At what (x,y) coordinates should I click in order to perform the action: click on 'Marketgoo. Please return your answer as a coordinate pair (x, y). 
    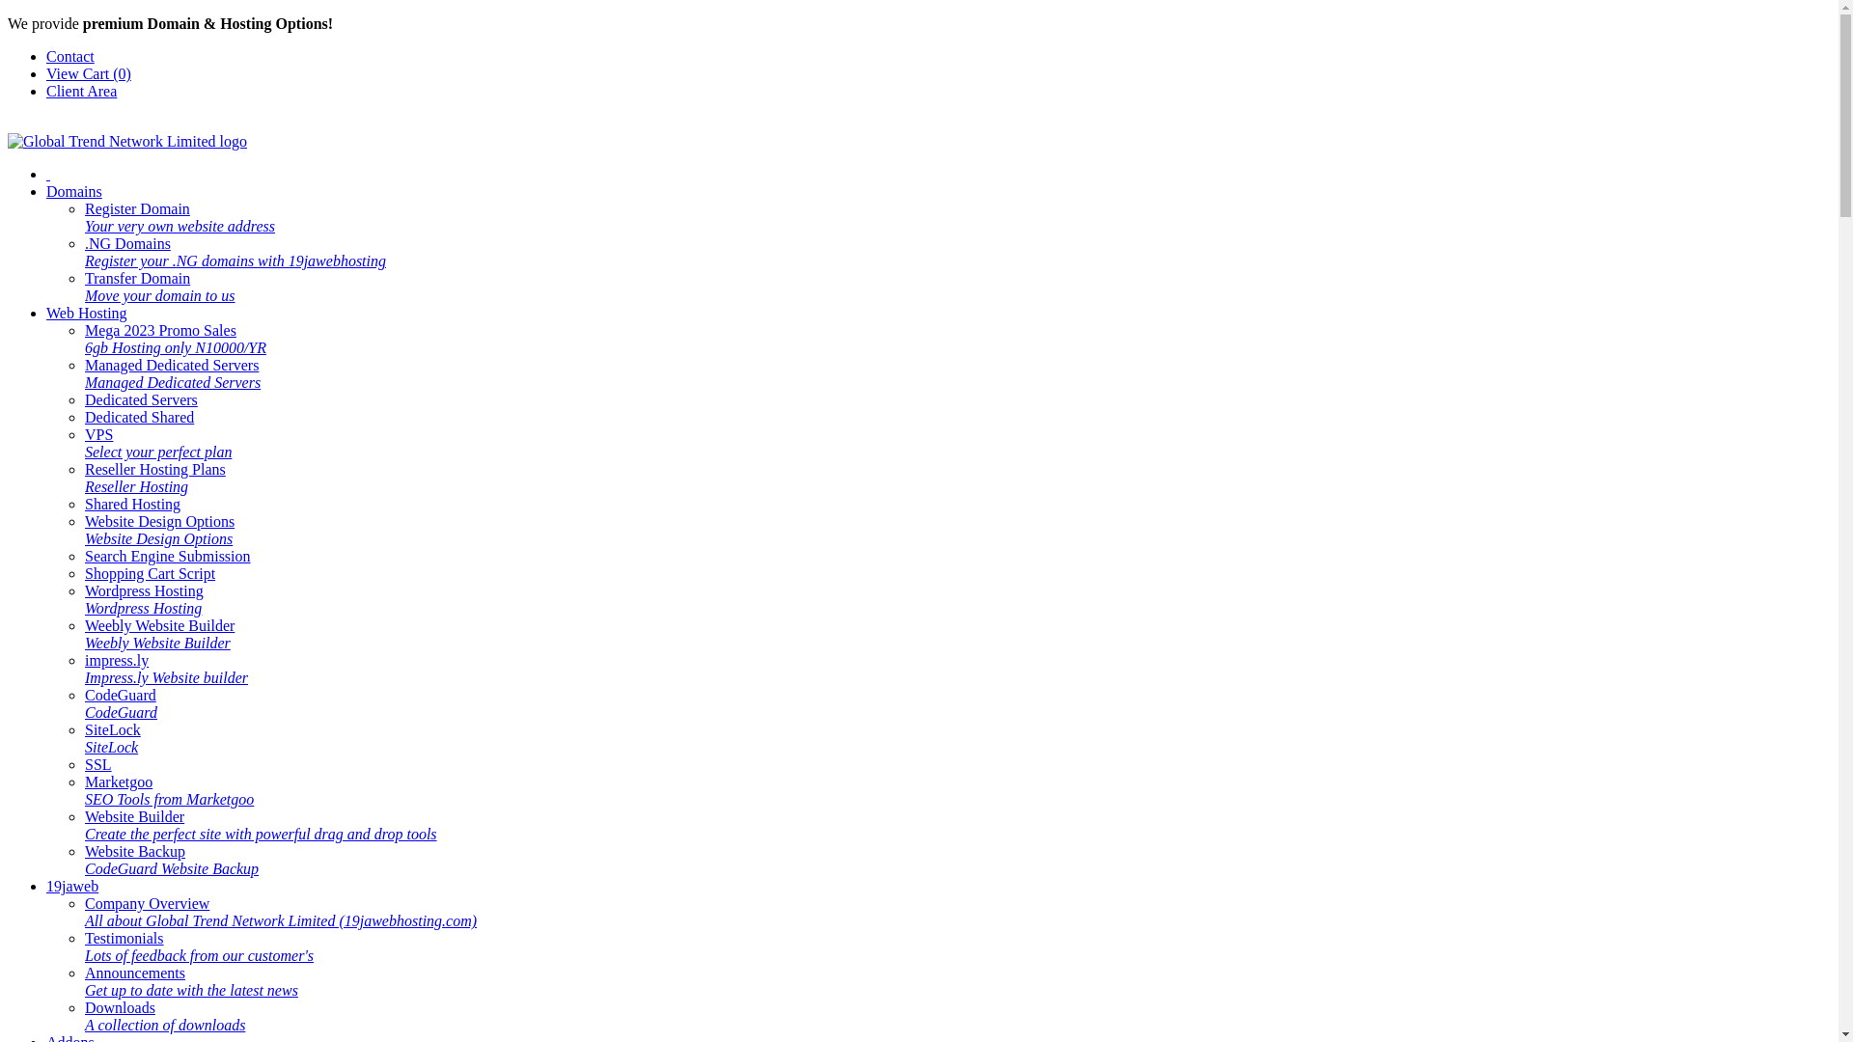
    Looking at the image, I should click on (83, 790).